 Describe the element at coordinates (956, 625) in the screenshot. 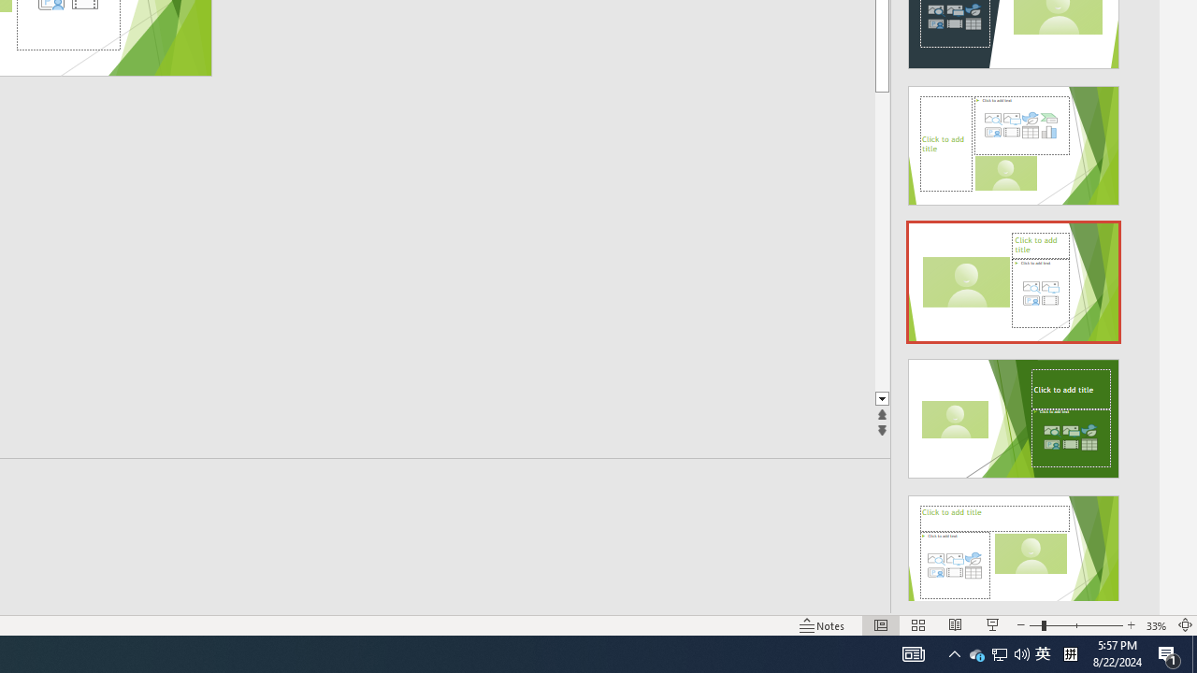

I see `'Reading View'` at that location.